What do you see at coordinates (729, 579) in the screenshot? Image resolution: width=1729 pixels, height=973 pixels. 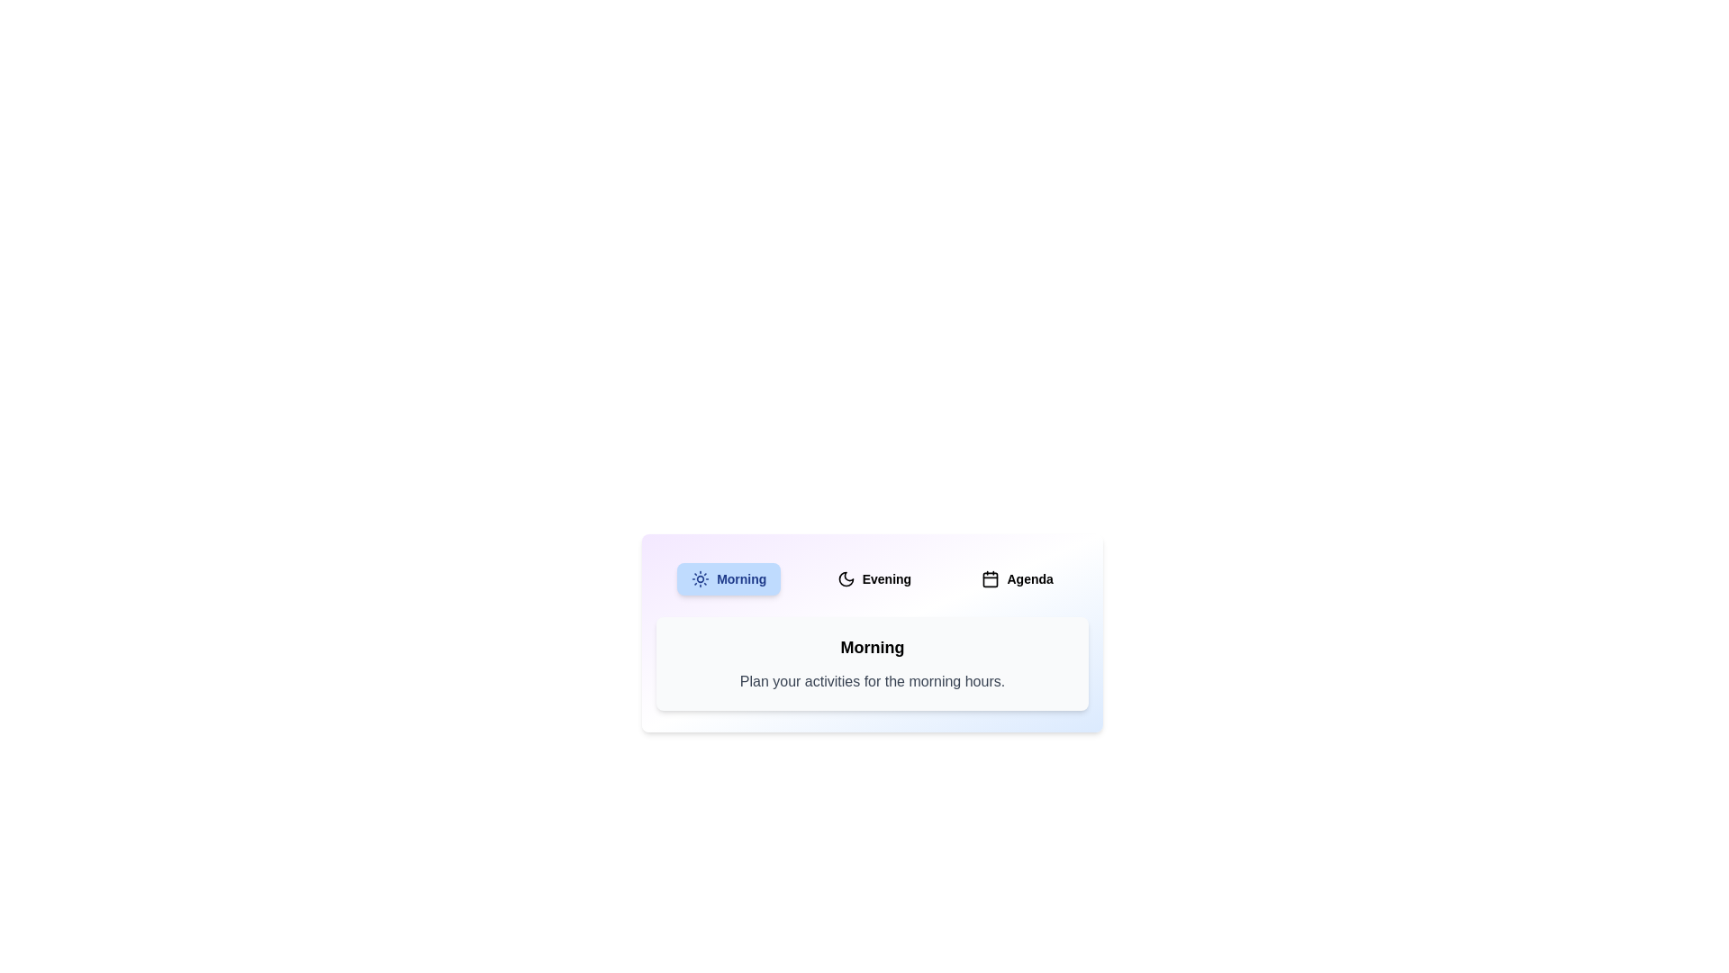 I see `the Morning tab by clicking on its corresponding button` at bounding box center [729, 579].